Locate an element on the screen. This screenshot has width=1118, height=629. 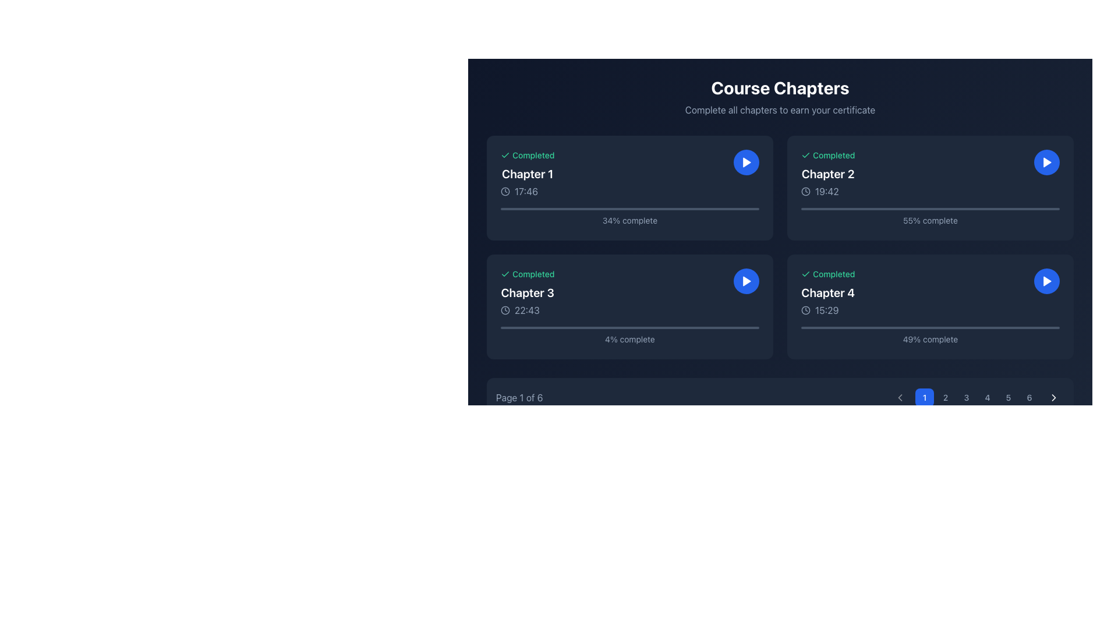
the static text label 'Chapter 4' which is styled in a larger bold font, located in the bottom-right corner of the interface under 'Course Chapters' is located at coordinates (827, 292).